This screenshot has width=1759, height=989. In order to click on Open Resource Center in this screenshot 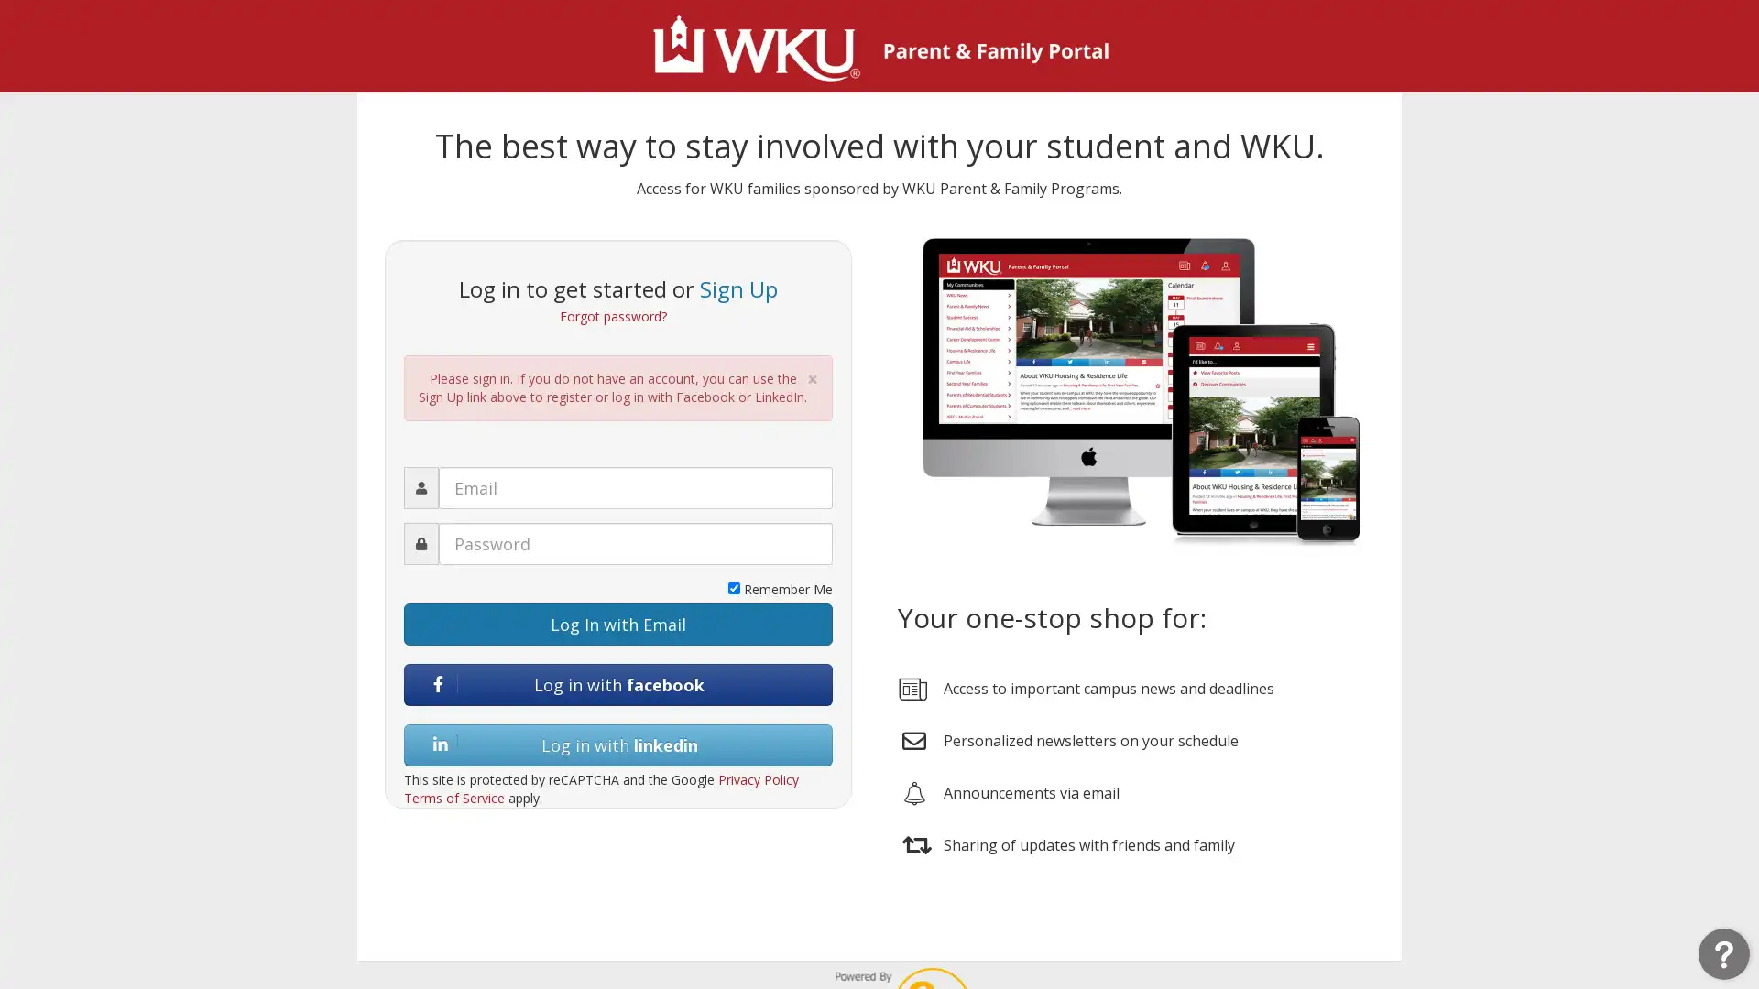, I will do `click(1722, 952)`.